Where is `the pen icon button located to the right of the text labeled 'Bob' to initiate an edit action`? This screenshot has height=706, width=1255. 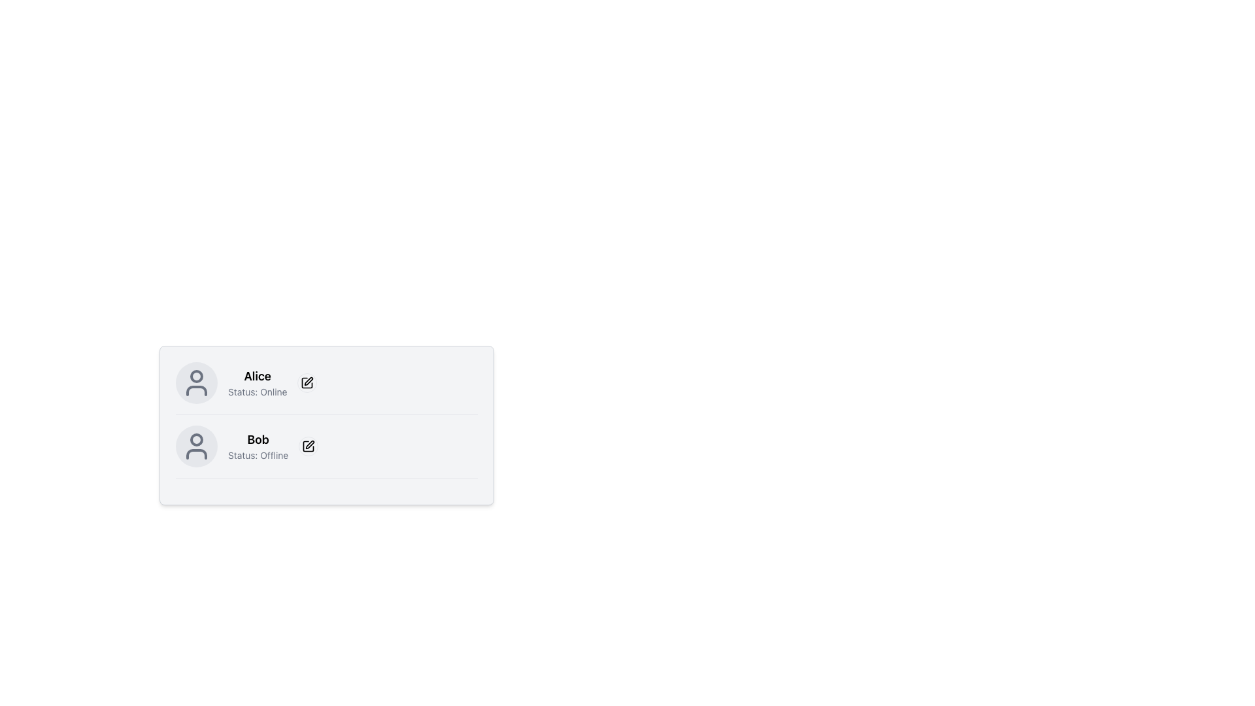
the pen icon button located to the right of the text labeled 'Bob' to initiate an edit action is located at coordinates (307, 445).